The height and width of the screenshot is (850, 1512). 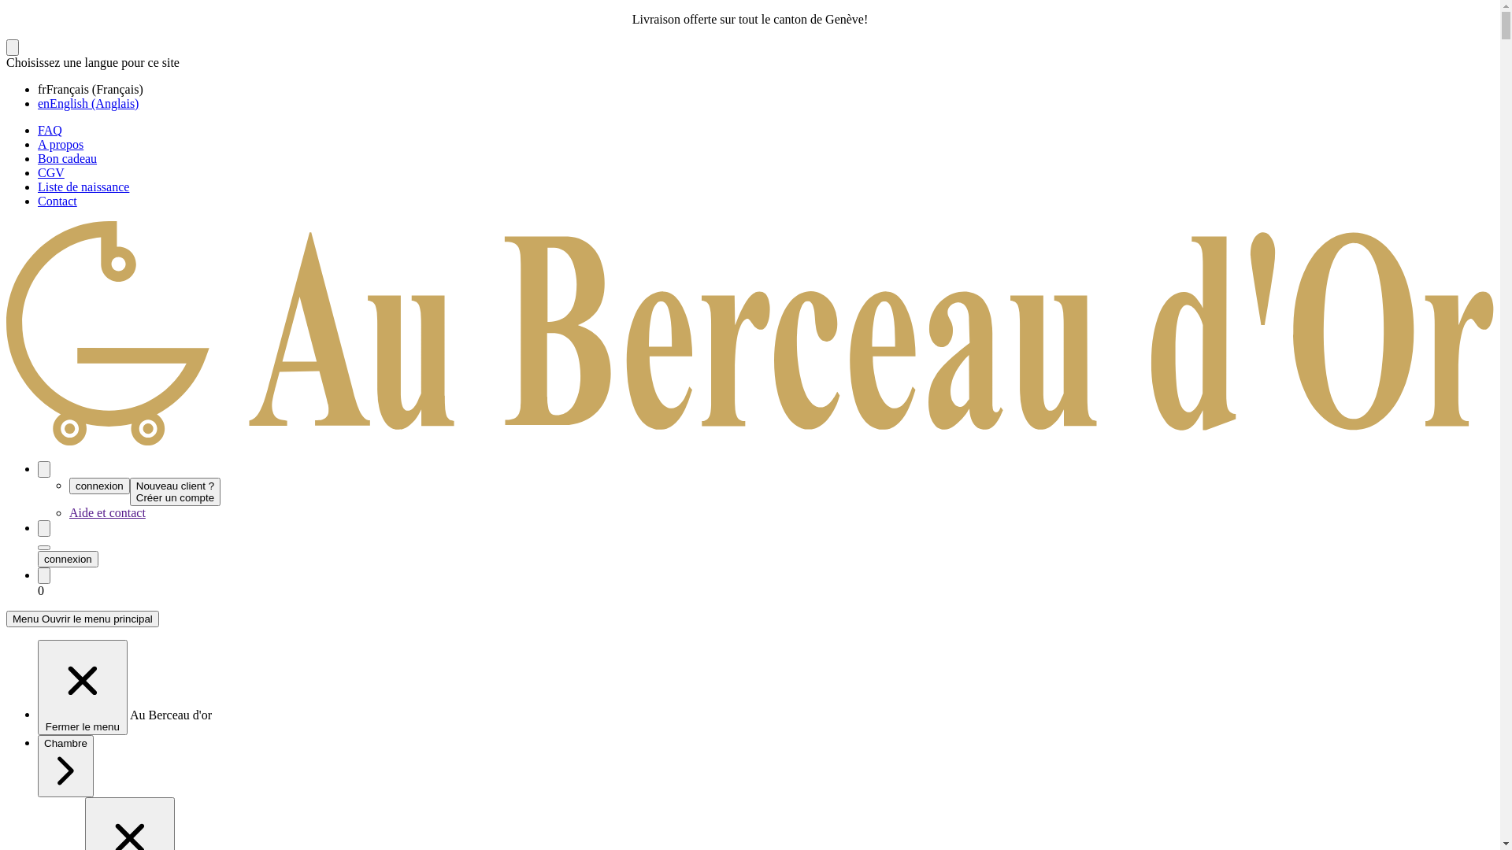 What do you see at coordinates (82, 687) in the screenshot?
I see `'Fermer le menu'` at bounding box center [82, 687].